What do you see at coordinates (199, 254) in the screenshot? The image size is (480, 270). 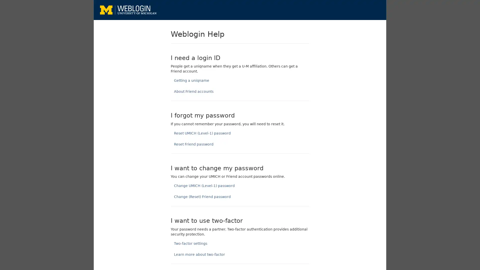 I see `Learn more about two-factor` at bounding box center [199, 254].